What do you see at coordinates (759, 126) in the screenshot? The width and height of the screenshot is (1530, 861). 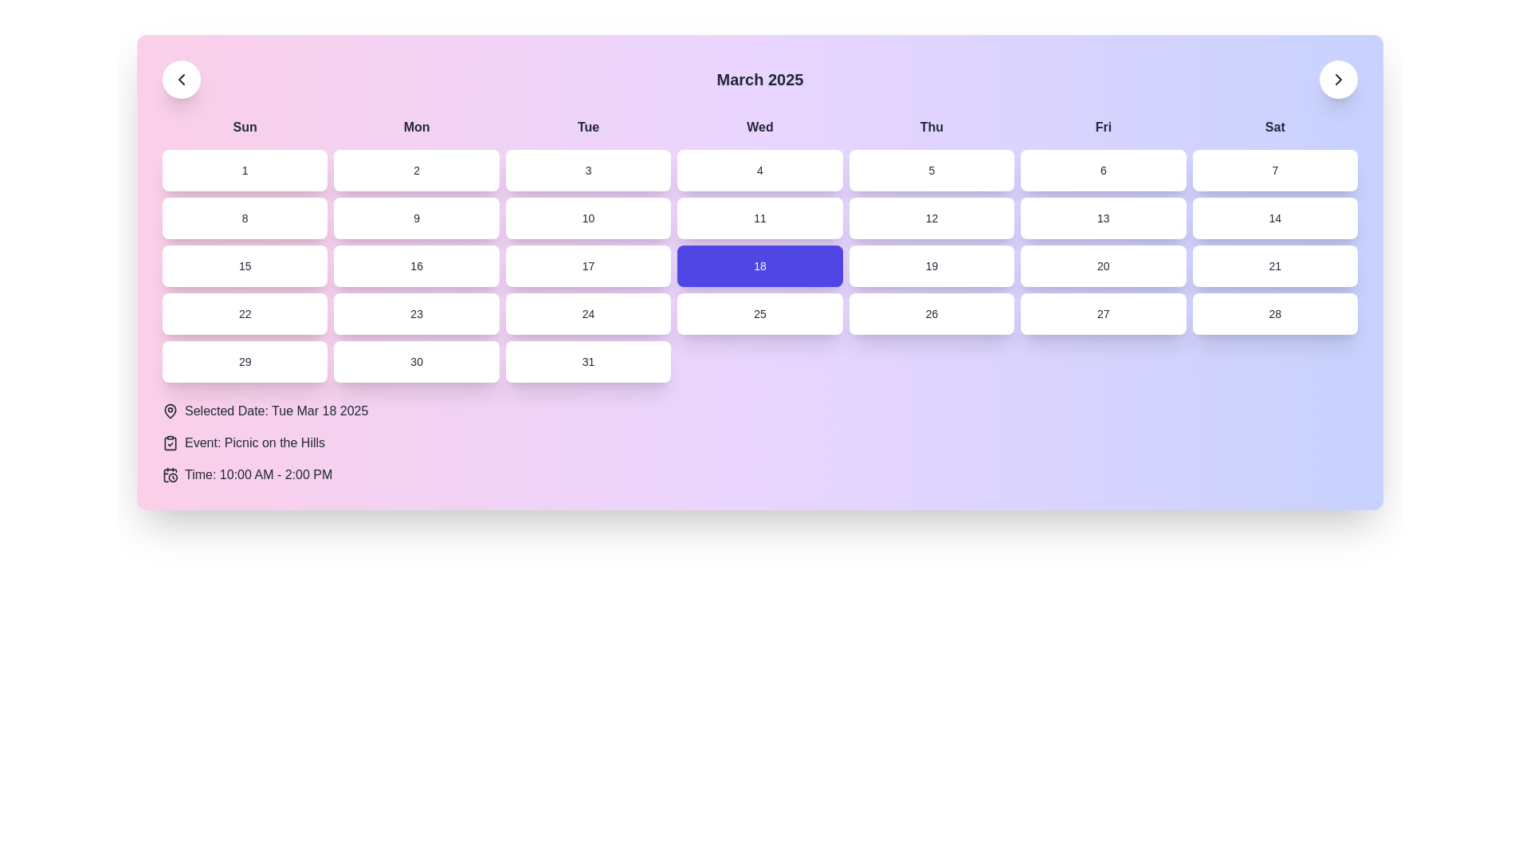 I see `weekday labels displayed in bold text in the header row of the calendar, which includes 'Sun', 'Mon', 'Tue', 'Wed', 'Thu', 'Fri', 'Sat'` at bounding box center [759, 126].